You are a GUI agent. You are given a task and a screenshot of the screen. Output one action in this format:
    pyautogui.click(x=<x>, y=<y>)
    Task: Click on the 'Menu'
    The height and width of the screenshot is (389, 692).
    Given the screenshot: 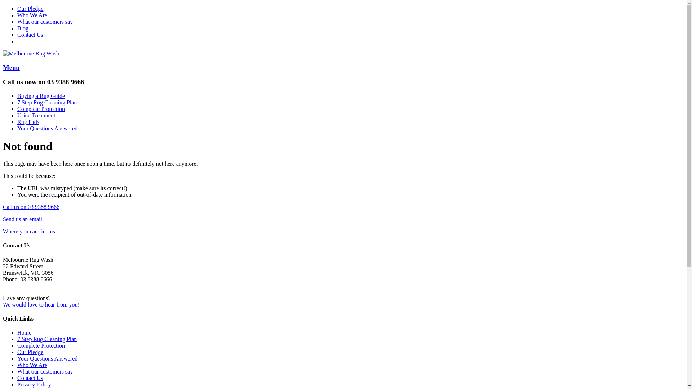 What is the action you would take?
    pyautogui.click(x=3, y=67)
    